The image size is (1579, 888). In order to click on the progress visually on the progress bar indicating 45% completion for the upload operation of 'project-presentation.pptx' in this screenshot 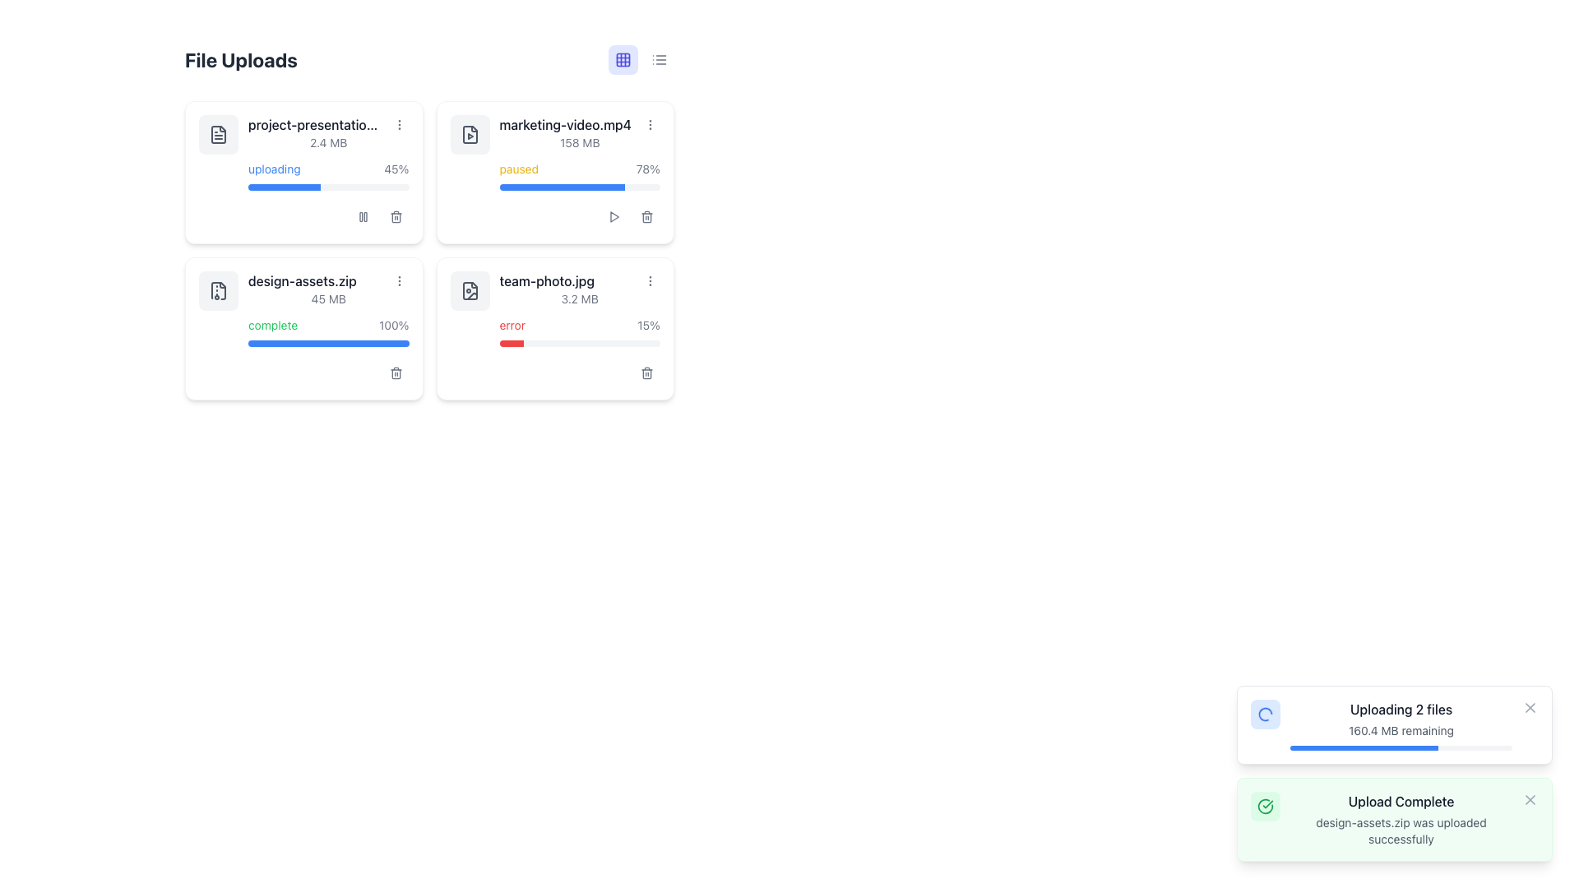, I will do `click(328, 175)`.